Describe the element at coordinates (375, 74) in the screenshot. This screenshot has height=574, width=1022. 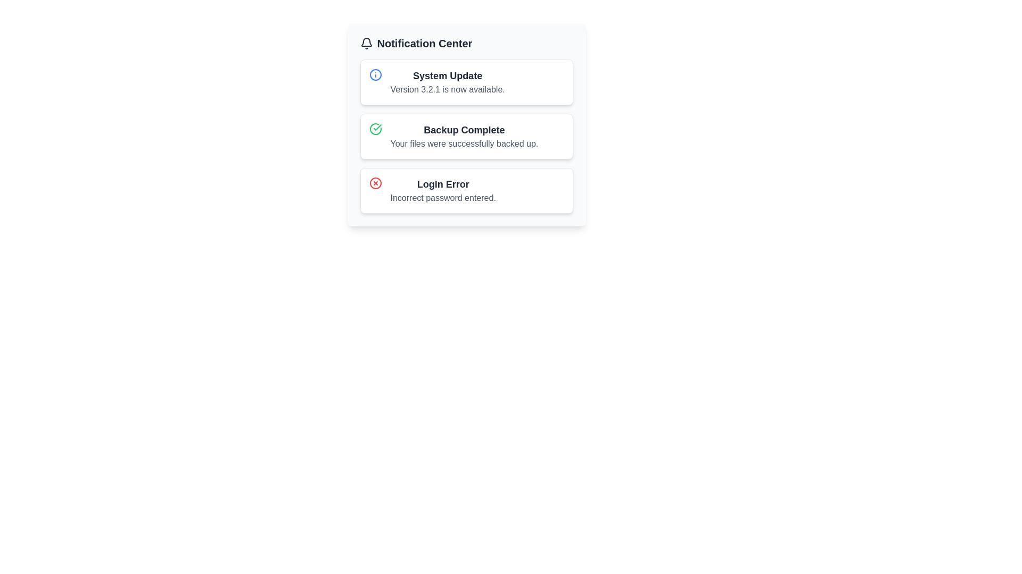
I see `the information icon styled as a blue circle with a lowercase 'i' in the center, located directly to the left of the text 'System Update' within a notification card` at that location.